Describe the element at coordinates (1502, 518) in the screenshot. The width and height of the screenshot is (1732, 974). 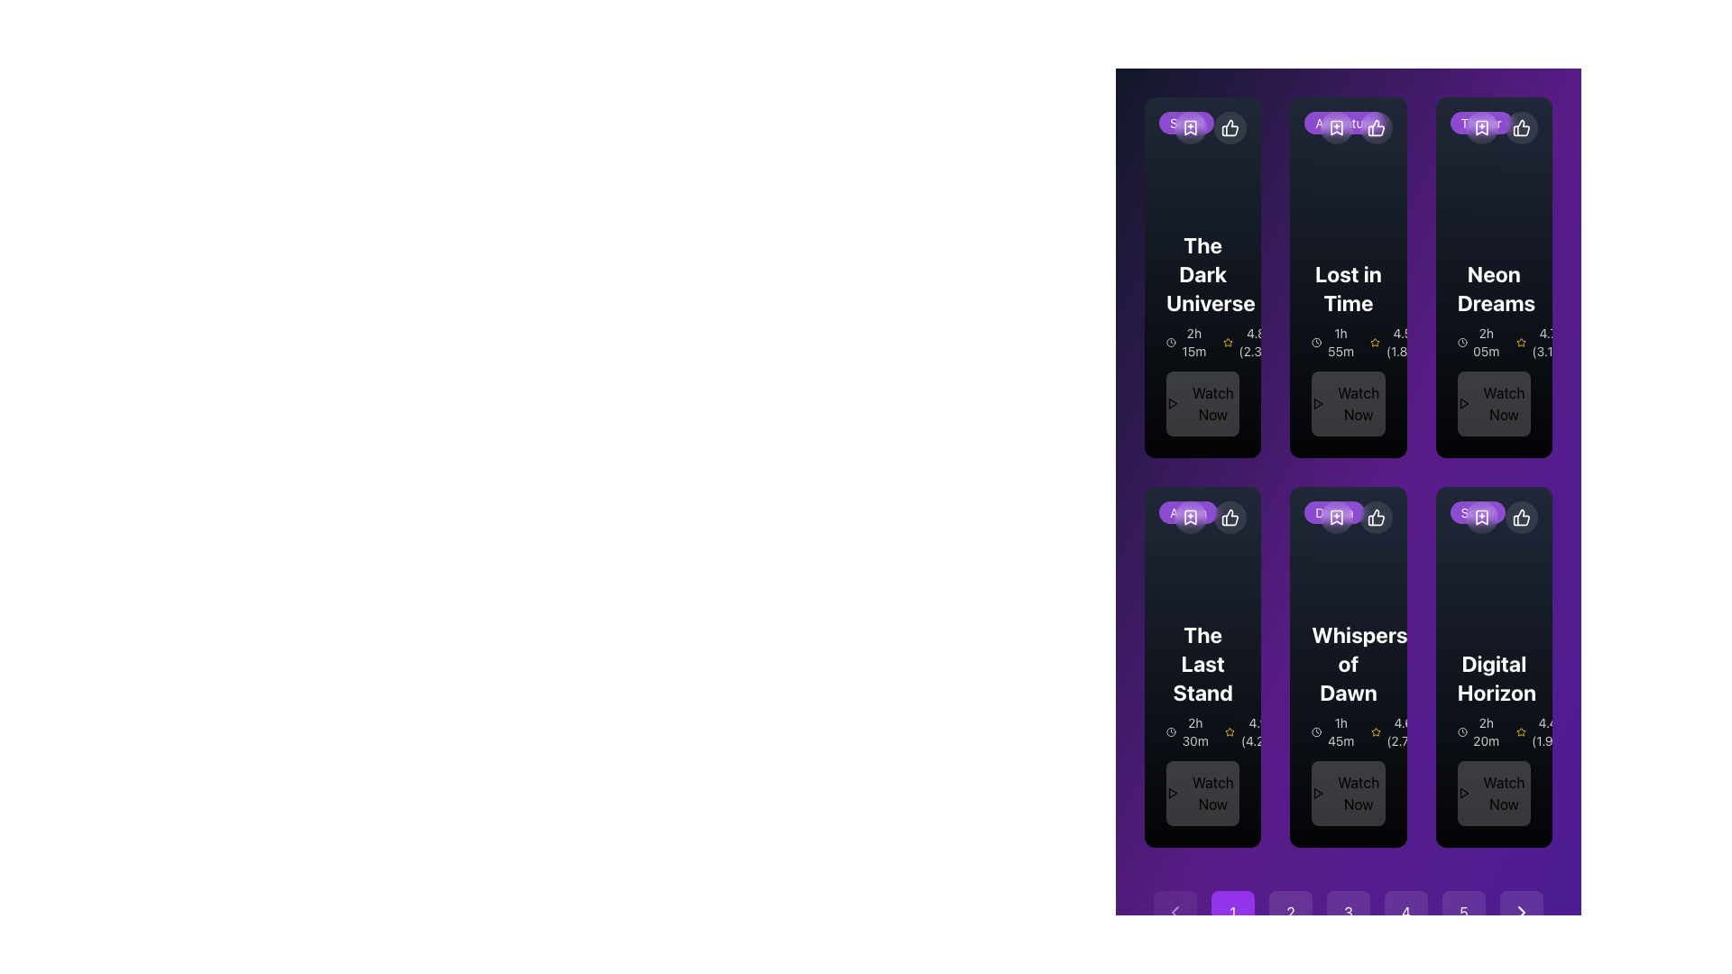
I see `the thumbs-up icon button located in the top-right corner of the 'Digital Horizon' card, which has a rounded shape and a semi-transparent white background` at that location.